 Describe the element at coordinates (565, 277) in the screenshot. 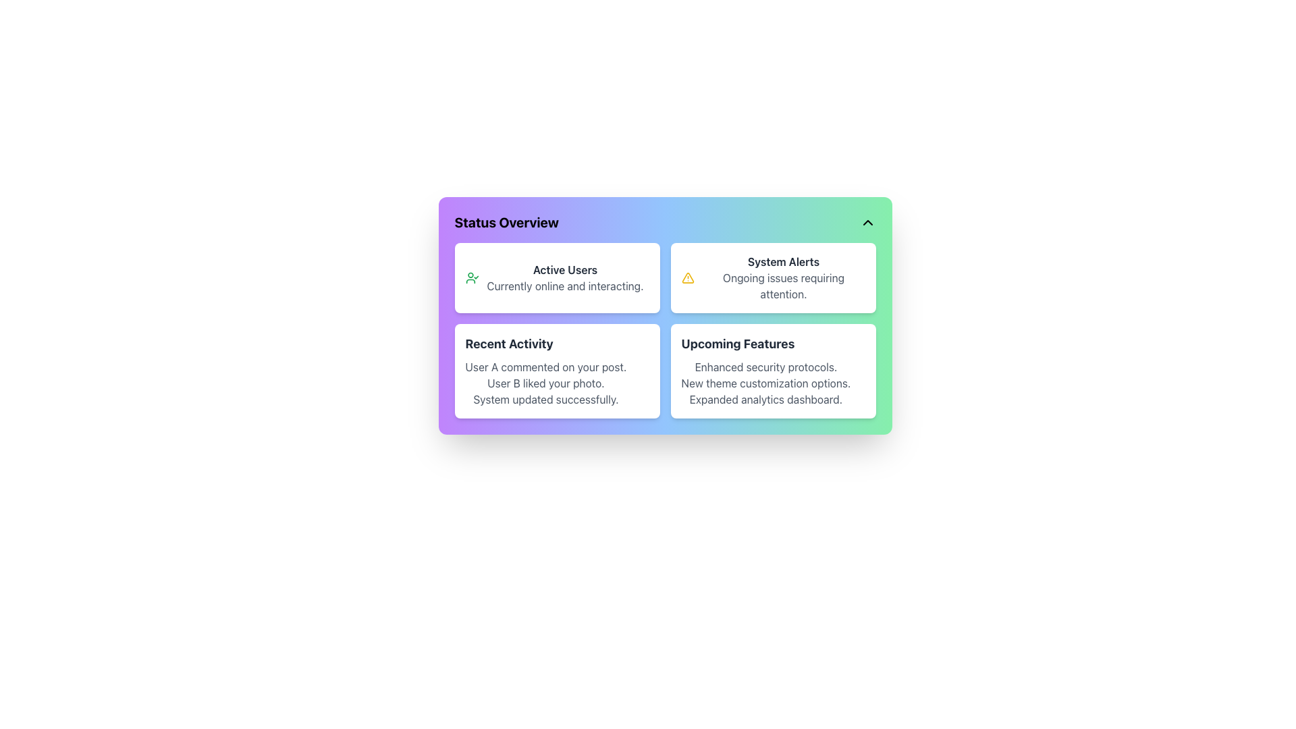

I see `the Informational Text Component displaying 'Active Users' and its subtitle 'Currently online and interacting.', which is part of a card-like UI element in the top-left quadrant` at that location.